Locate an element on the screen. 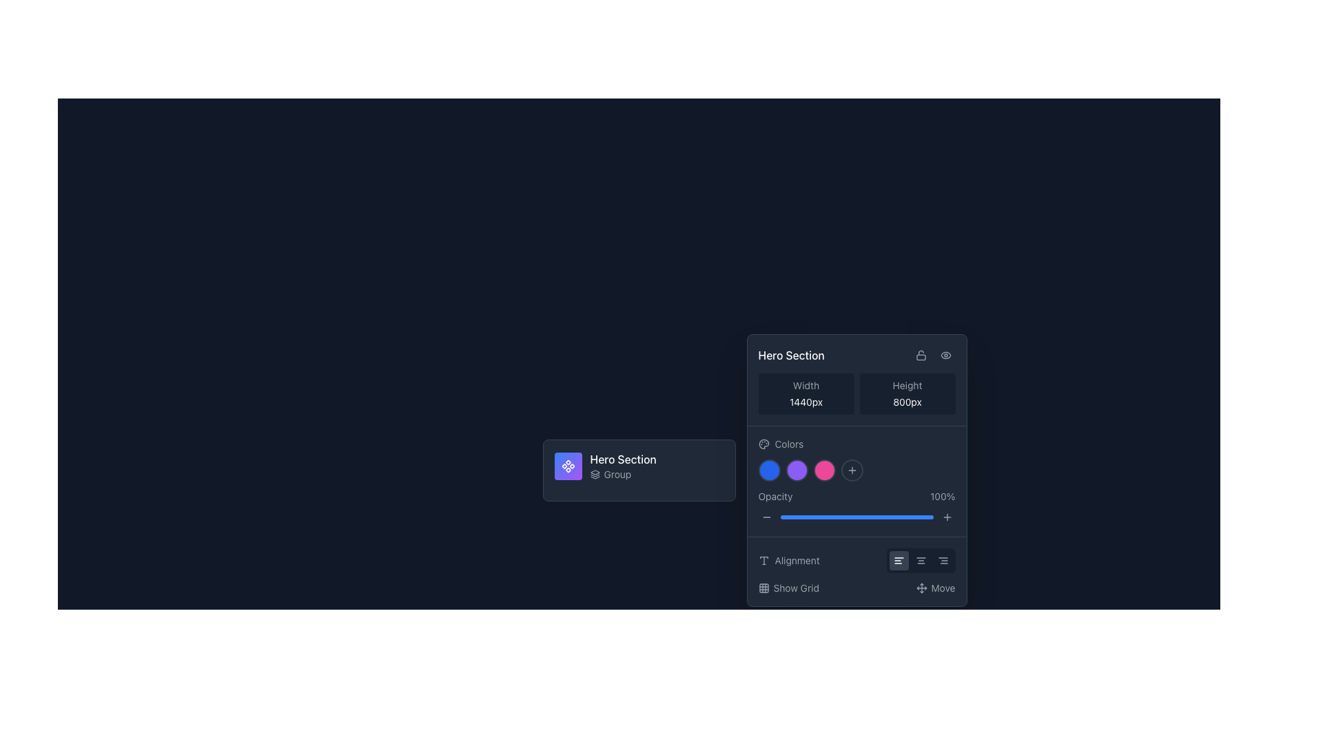  slider is located at coordinates (842, 517).